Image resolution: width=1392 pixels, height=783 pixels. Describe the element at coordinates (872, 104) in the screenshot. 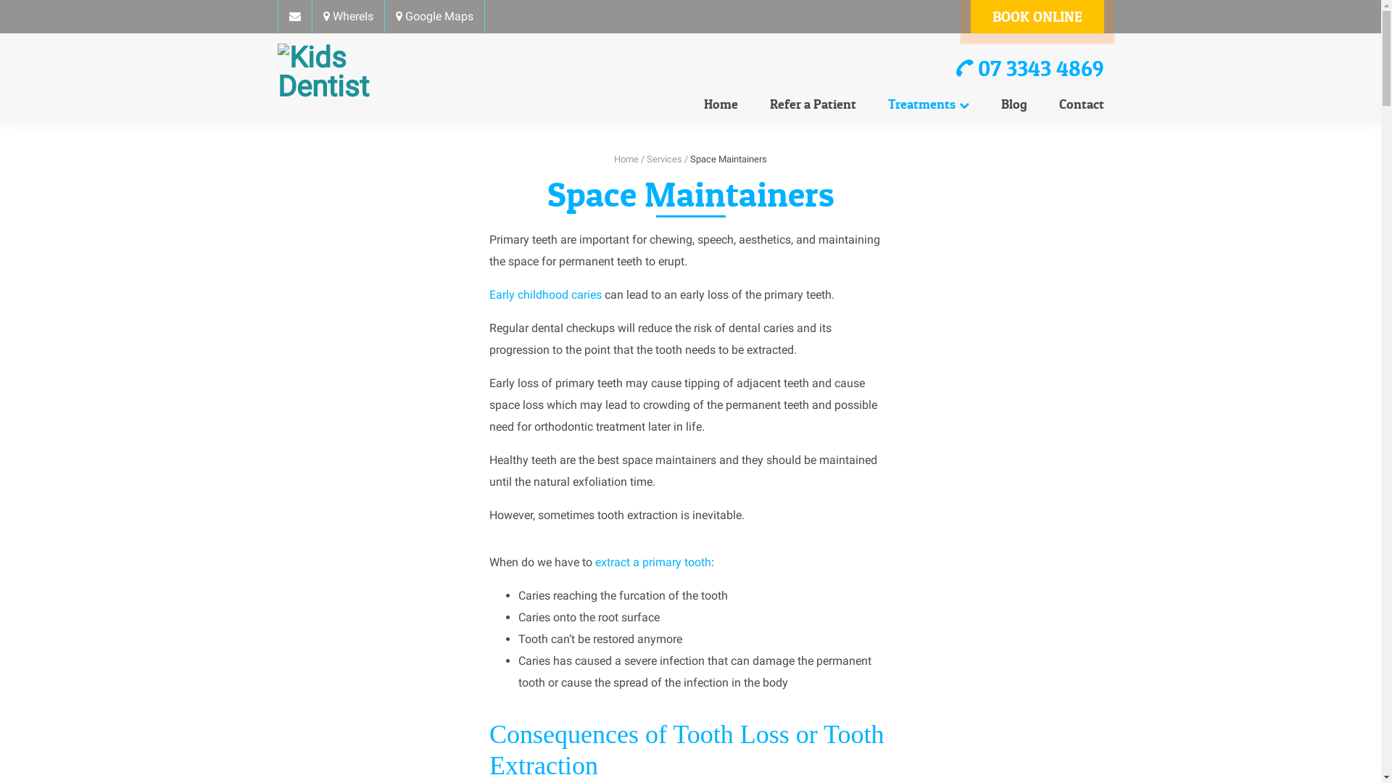

I see `'Treatments'` at that location.